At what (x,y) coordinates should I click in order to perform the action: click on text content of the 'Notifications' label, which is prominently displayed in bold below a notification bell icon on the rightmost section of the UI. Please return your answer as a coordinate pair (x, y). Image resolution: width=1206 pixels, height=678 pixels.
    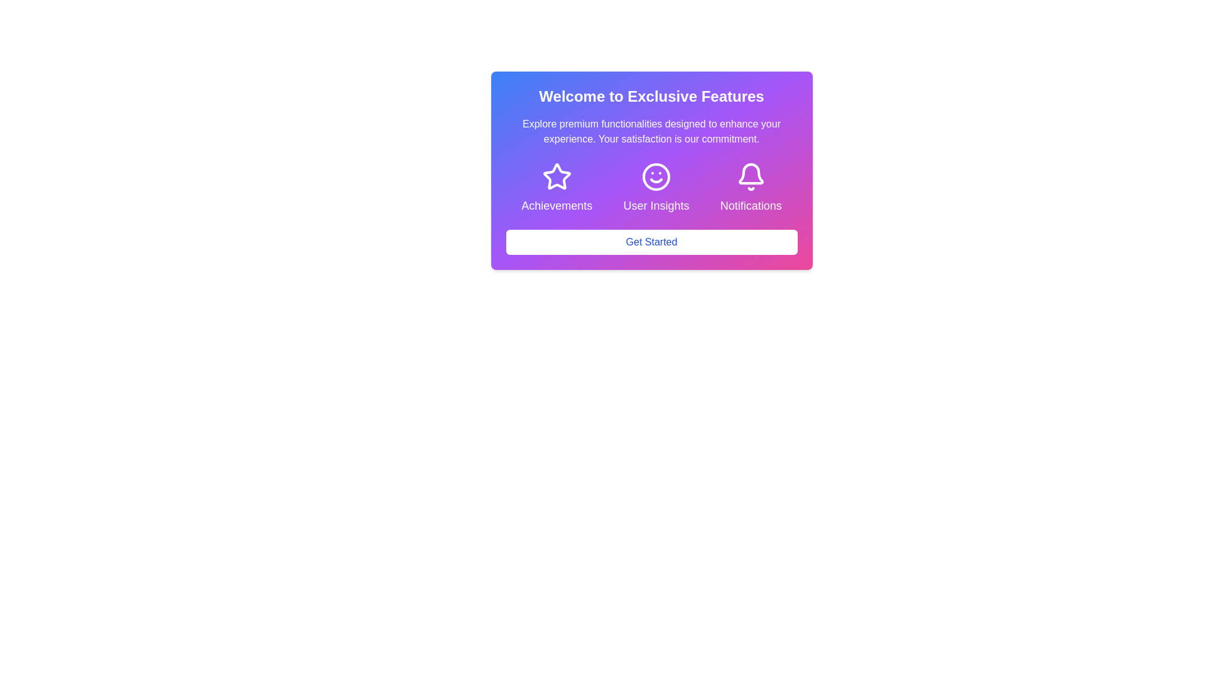
    Looking at the image, I should click on (751, 205).